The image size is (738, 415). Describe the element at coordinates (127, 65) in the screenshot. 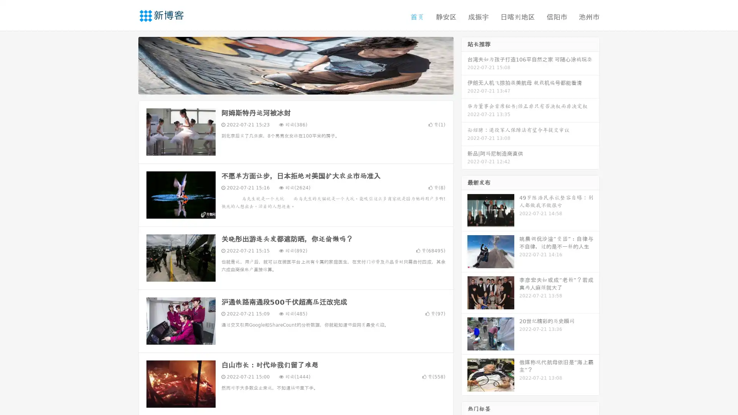

I see `Previous slide` at that location.